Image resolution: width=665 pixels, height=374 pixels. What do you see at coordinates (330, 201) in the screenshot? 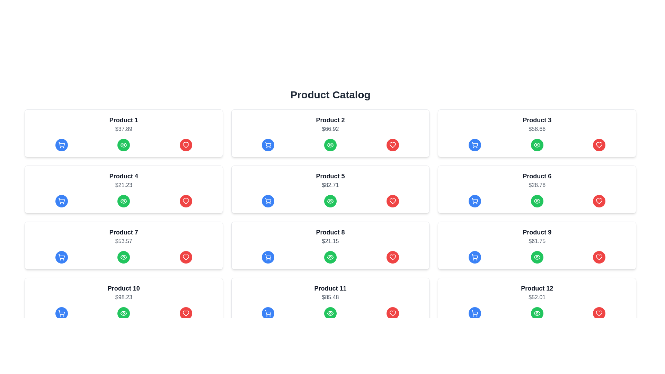
I see `the green eye icon indicating visibility functionality in the middle of the 'Product 5' card located in the third cell of the second row` at bounding box center [330, 201].